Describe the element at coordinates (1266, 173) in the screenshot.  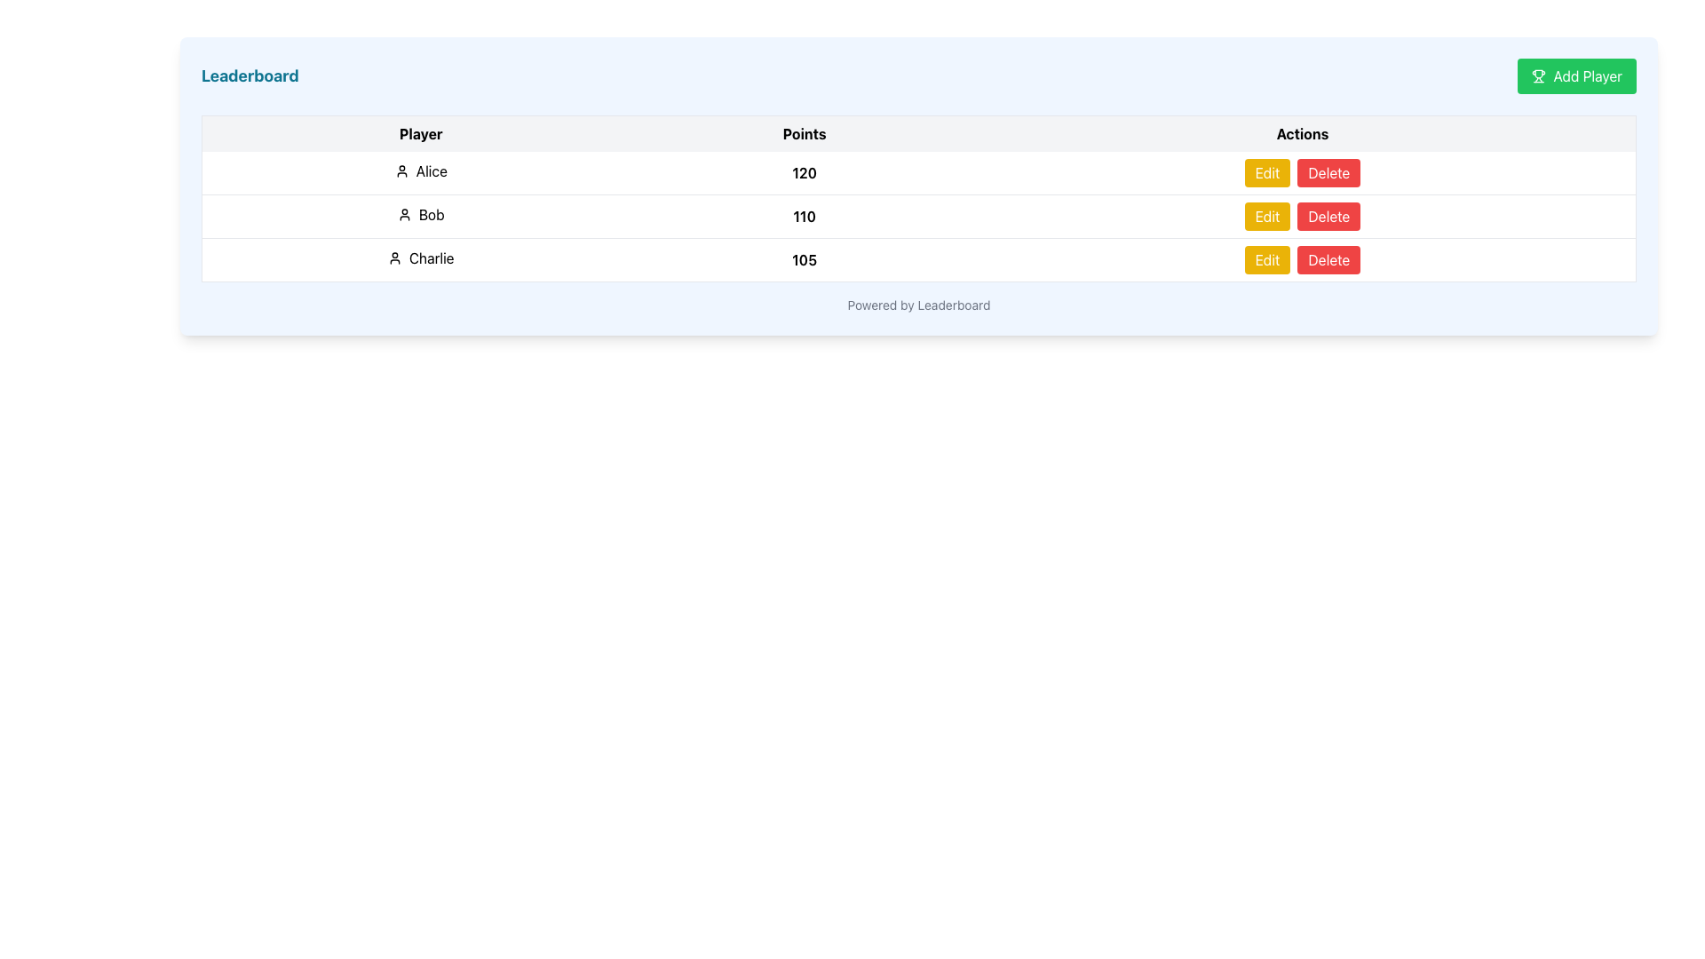
I see `the 'Edit' button located in the first row under the 'Actions' column of the table layout to initiate editing` at that location.